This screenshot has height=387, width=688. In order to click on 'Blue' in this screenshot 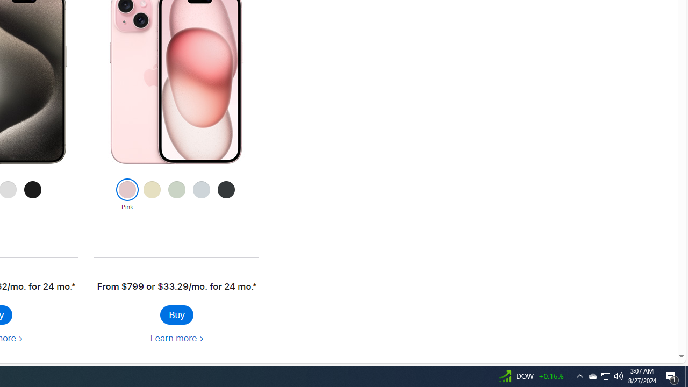, I will do `click(201, 195)`.